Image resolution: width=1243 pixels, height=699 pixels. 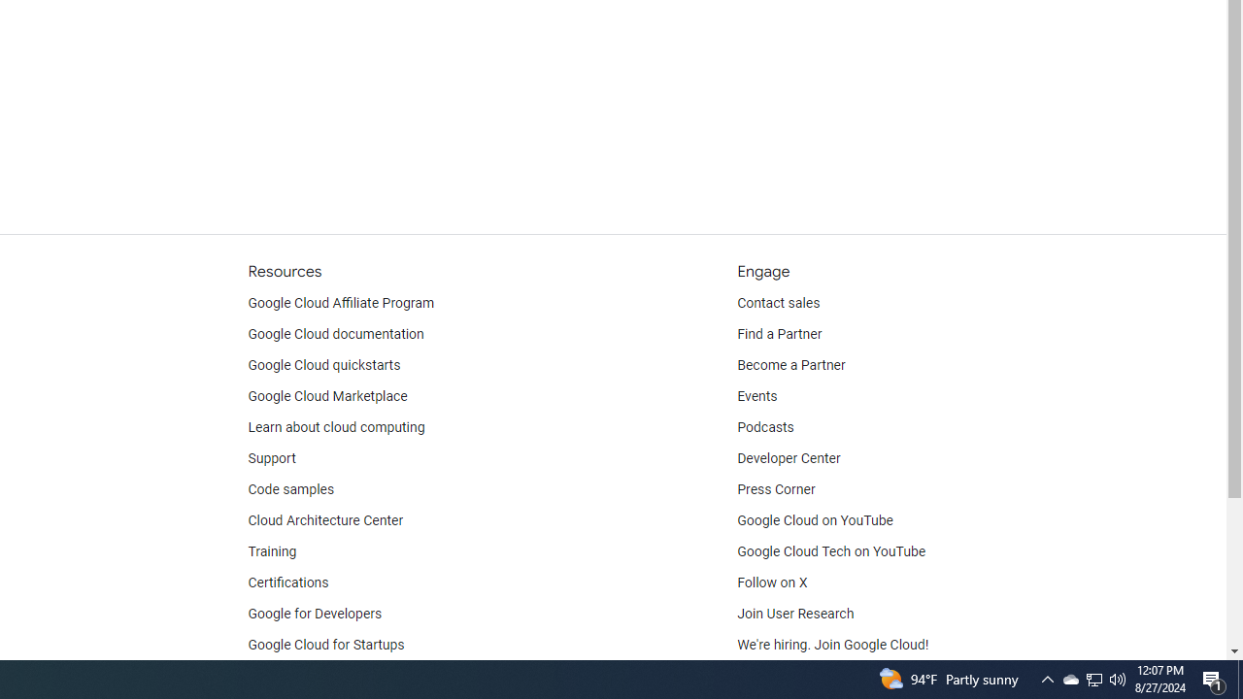 What do you see at coordinates (775, 489) in the screenshot?
I see `'Press Corner'` at bounding box center [775, 489].